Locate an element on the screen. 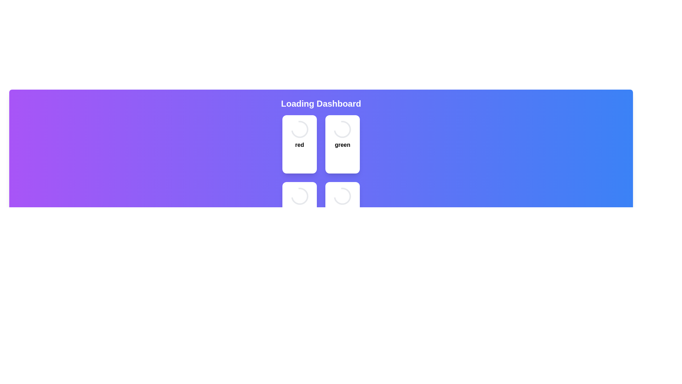  the interactive card in the bottom-left position of the grid, which is associated with the 'blue' category or status is located at coordinates (299, 211).